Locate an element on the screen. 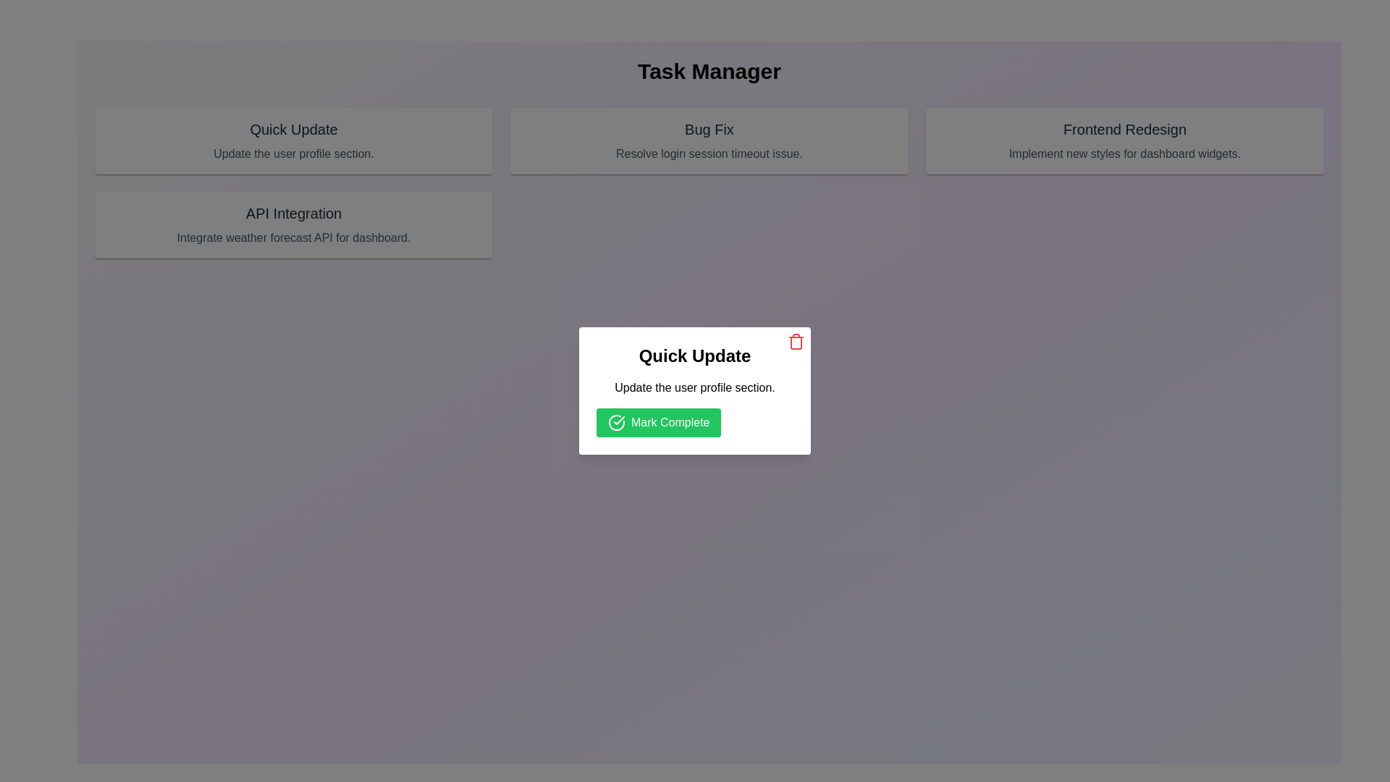 The width and height of the screenshot is (1390, 782). the static text label that reads 'Integrate weather forecast API for dashboard.' which is located beneath the title 'API Integration' in the bottom section of the card is located at coordinates (293, 237).